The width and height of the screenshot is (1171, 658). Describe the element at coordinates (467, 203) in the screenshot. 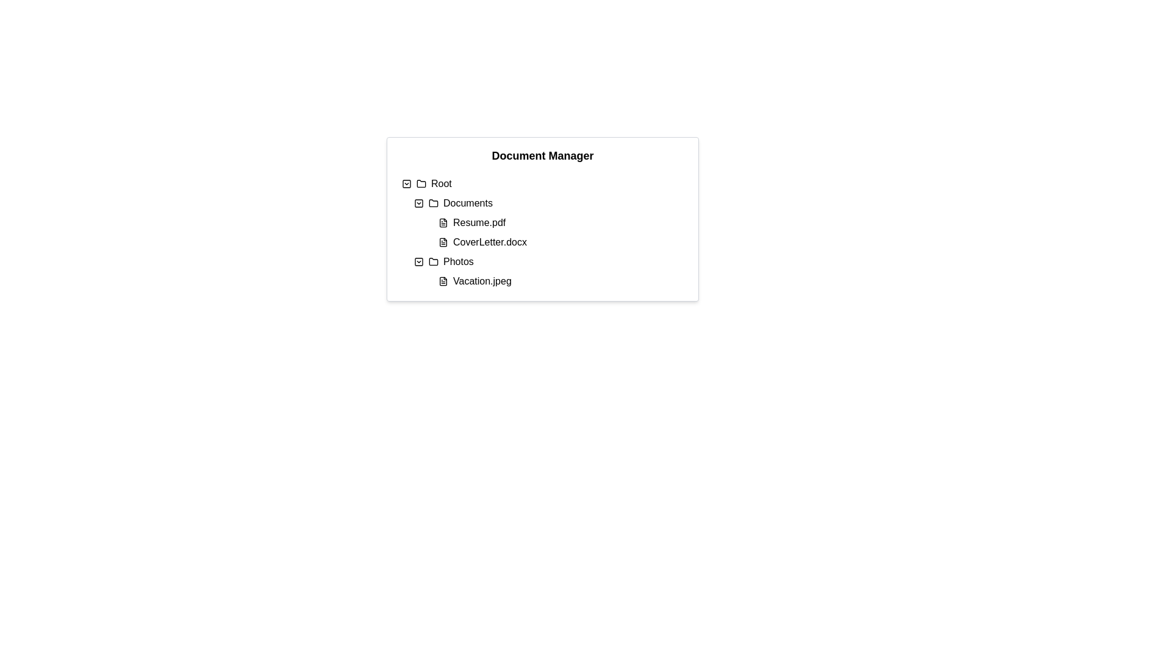

I see `the text label that displays 'Documents', which is positioned below the title 'Root' in the hierarchical file listing` at that location.